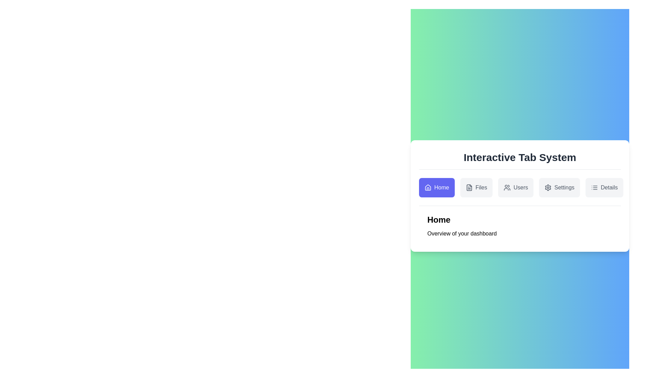 This screenshot has width=666, height=374. Describe the element at coordinates (548, 188) in the screenshot. I see `the 'Settings' icon located to the left of the text 'Settings' in the tab navigation bar` at that location.